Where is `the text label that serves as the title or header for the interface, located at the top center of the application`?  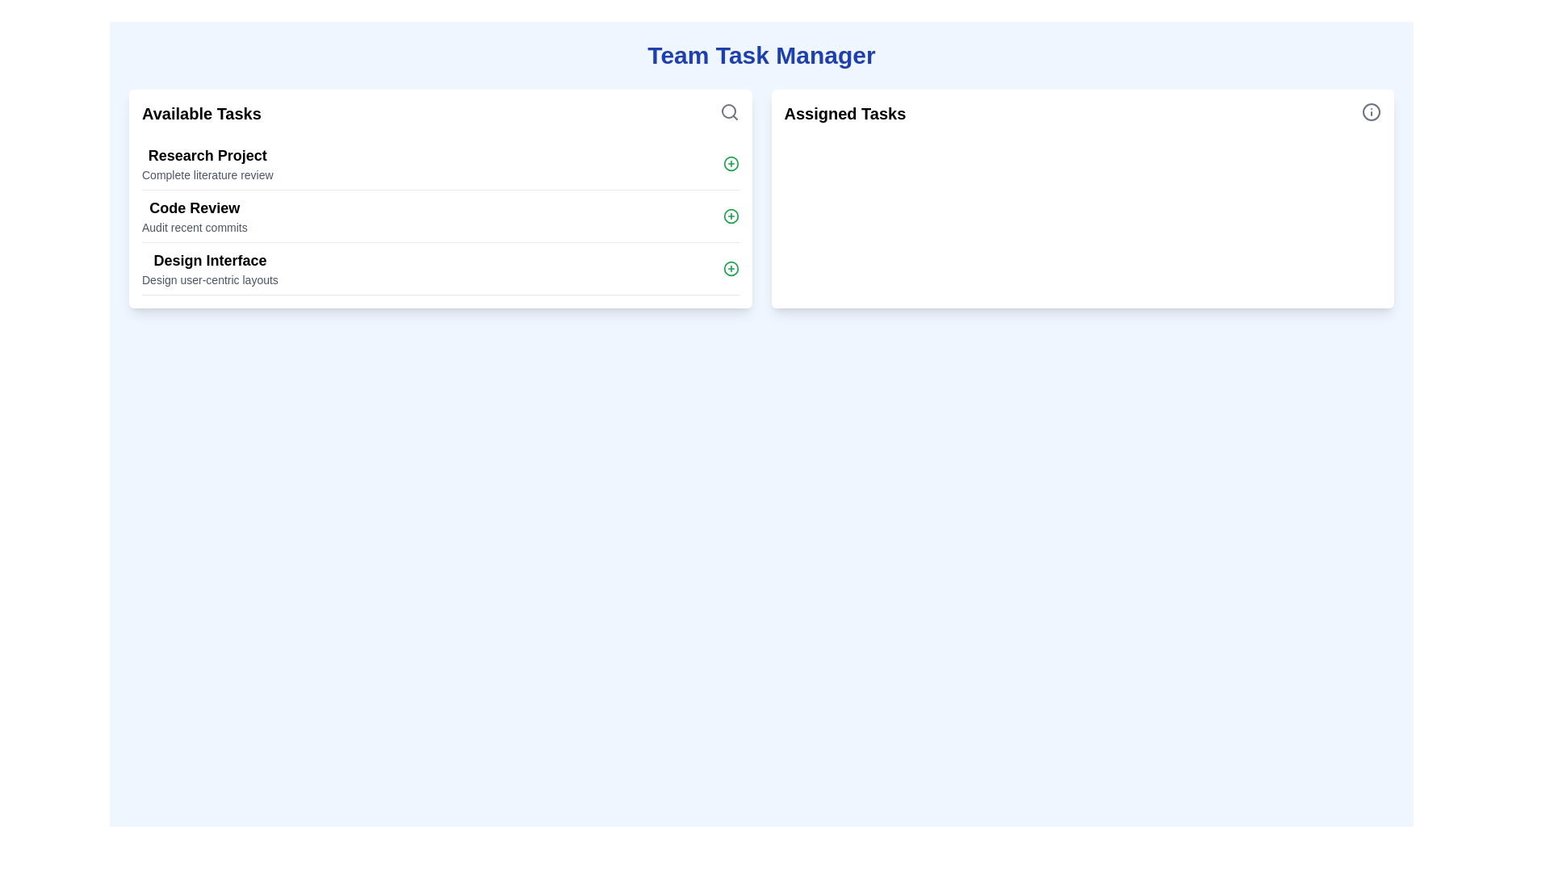
the text label that serves as the title or header for the interface, located at the top center of the application is located at coordinates (760, 55).